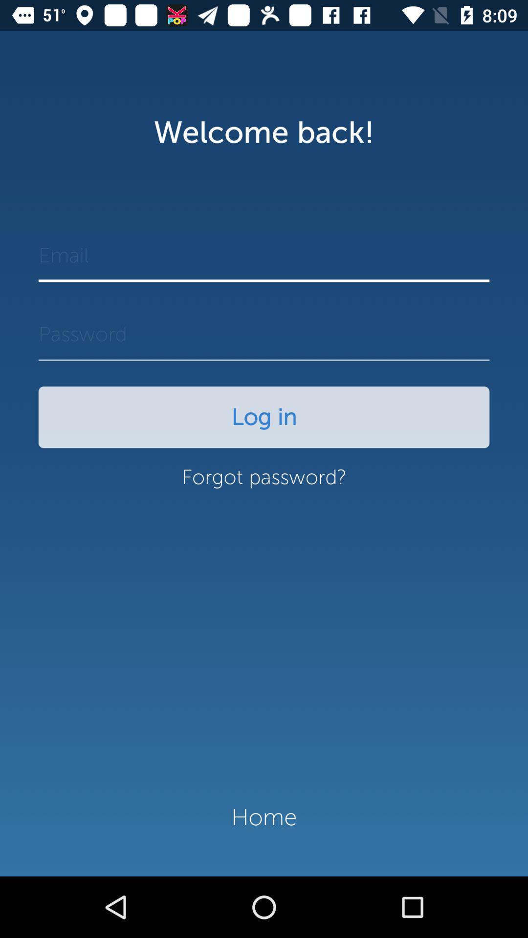 The height and width of the screenshot is (938, 528). Describe the element at coordinates (264, 417) in the screenshot. I see `item above forgot password? item` at that location.